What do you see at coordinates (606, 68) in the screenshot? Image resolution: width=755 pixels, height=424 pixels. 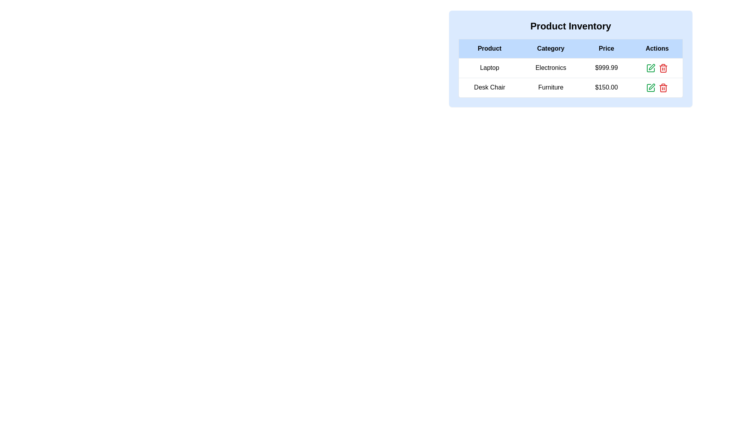 I see `displayed price of the item in the first row, third column of the 'Product Inventory' table, which is aligned with 'Laptop' and 'Electronics' entries` at bounding box center [606, 68].